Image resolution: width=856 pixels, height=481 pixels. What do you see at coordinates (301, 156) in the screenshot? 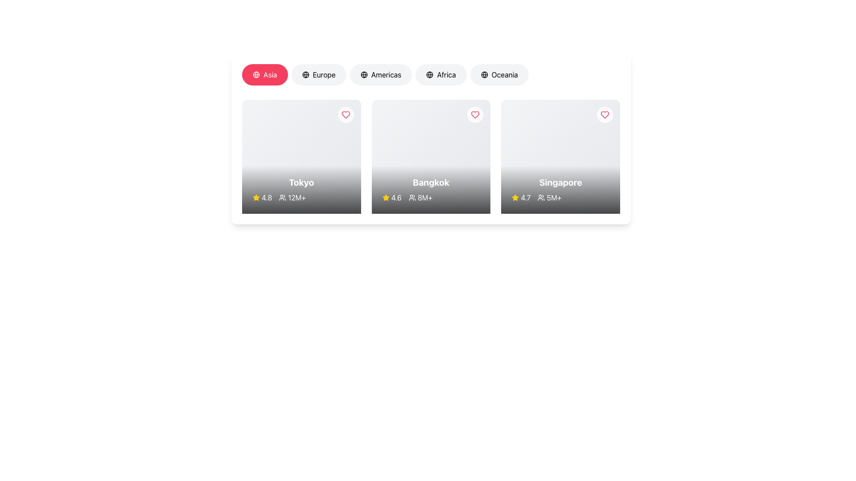
I see `the informative card displaying summarized information about Tokyo, which includes its name, rating, and population, located in the top-left section of the grid layout` at bounding box center [301, 156].